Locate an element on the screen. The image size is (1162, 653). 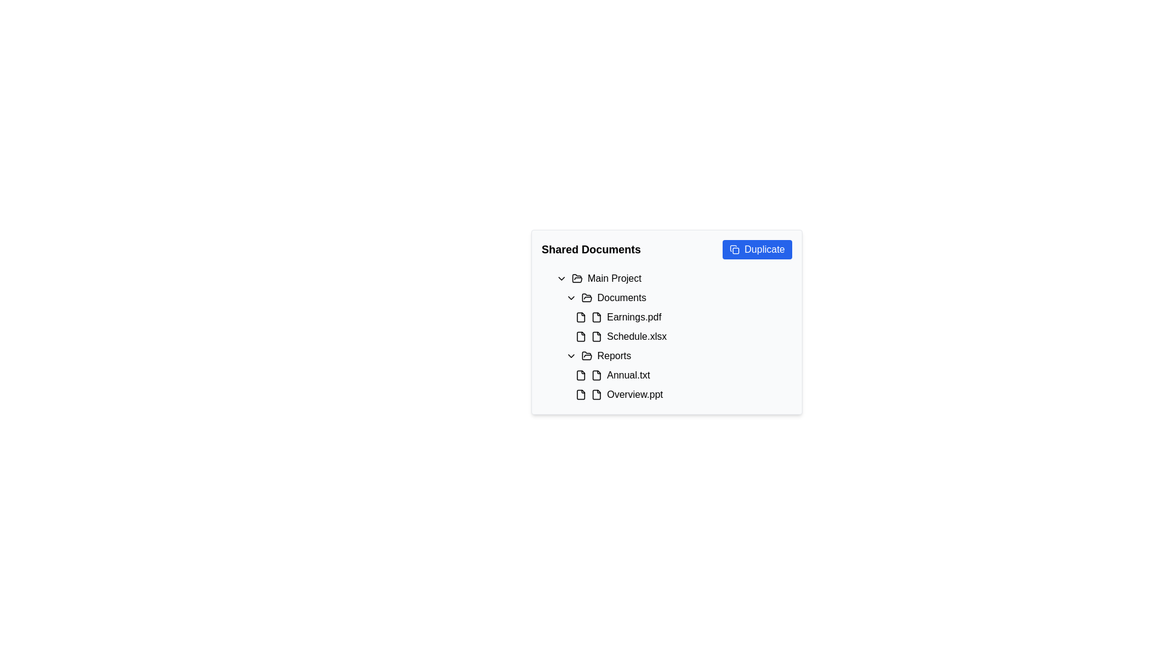
the document file icon located in the 'Reports' subsection of 'Shared Documents' preceding the 'Annual.txt' file entry is located at coordinates (581, 375).